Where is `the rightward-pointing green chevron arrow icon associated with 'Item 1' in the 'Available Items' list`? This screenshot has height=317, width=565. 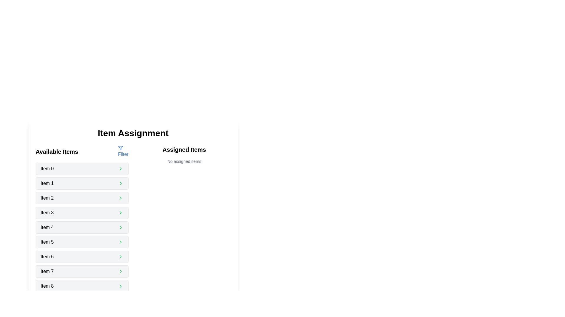 the rightward-pointing green chevron arrow icon associated with 'Item 1' in the 'Available Items' list is located at coordinates (120, 168).